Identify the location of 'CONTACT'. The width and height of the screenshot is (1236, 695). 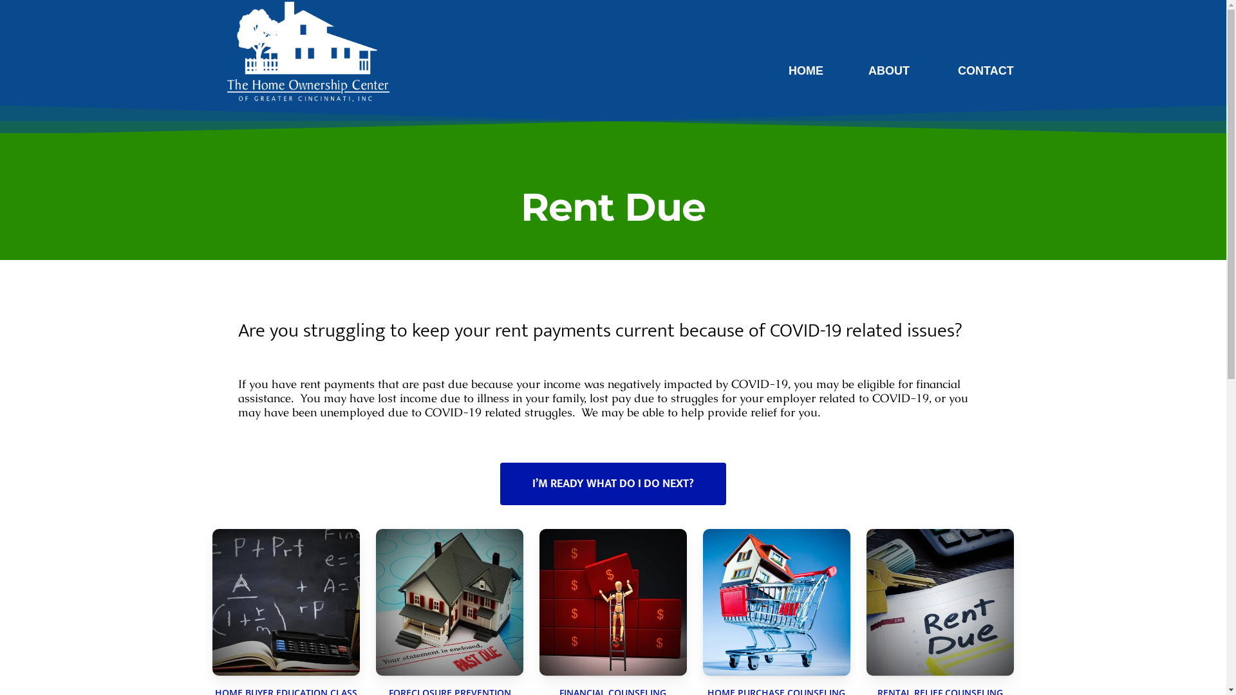
(951, 71).